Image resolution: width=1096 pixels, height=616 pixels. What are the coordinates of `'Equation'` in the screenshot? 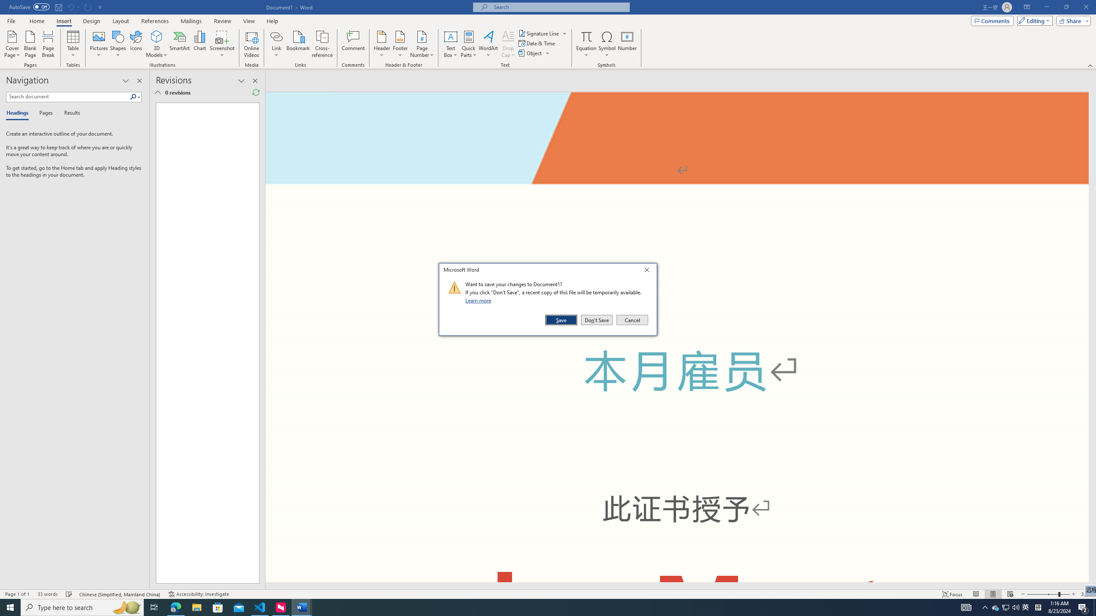 It's located at (586, 36).